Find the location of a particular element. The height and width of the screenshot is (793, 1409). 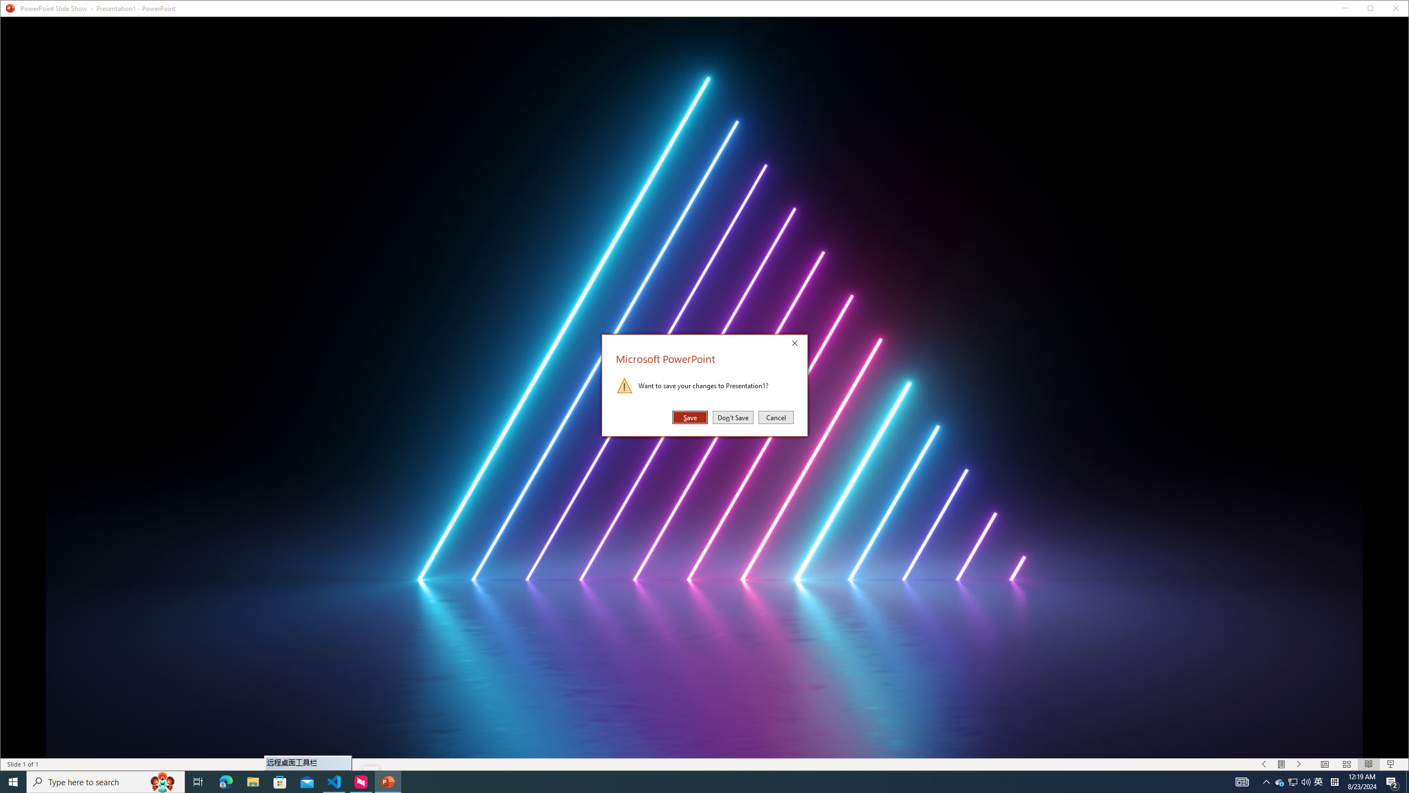

'Microsoft Store' is located at coordinates (280, 781).